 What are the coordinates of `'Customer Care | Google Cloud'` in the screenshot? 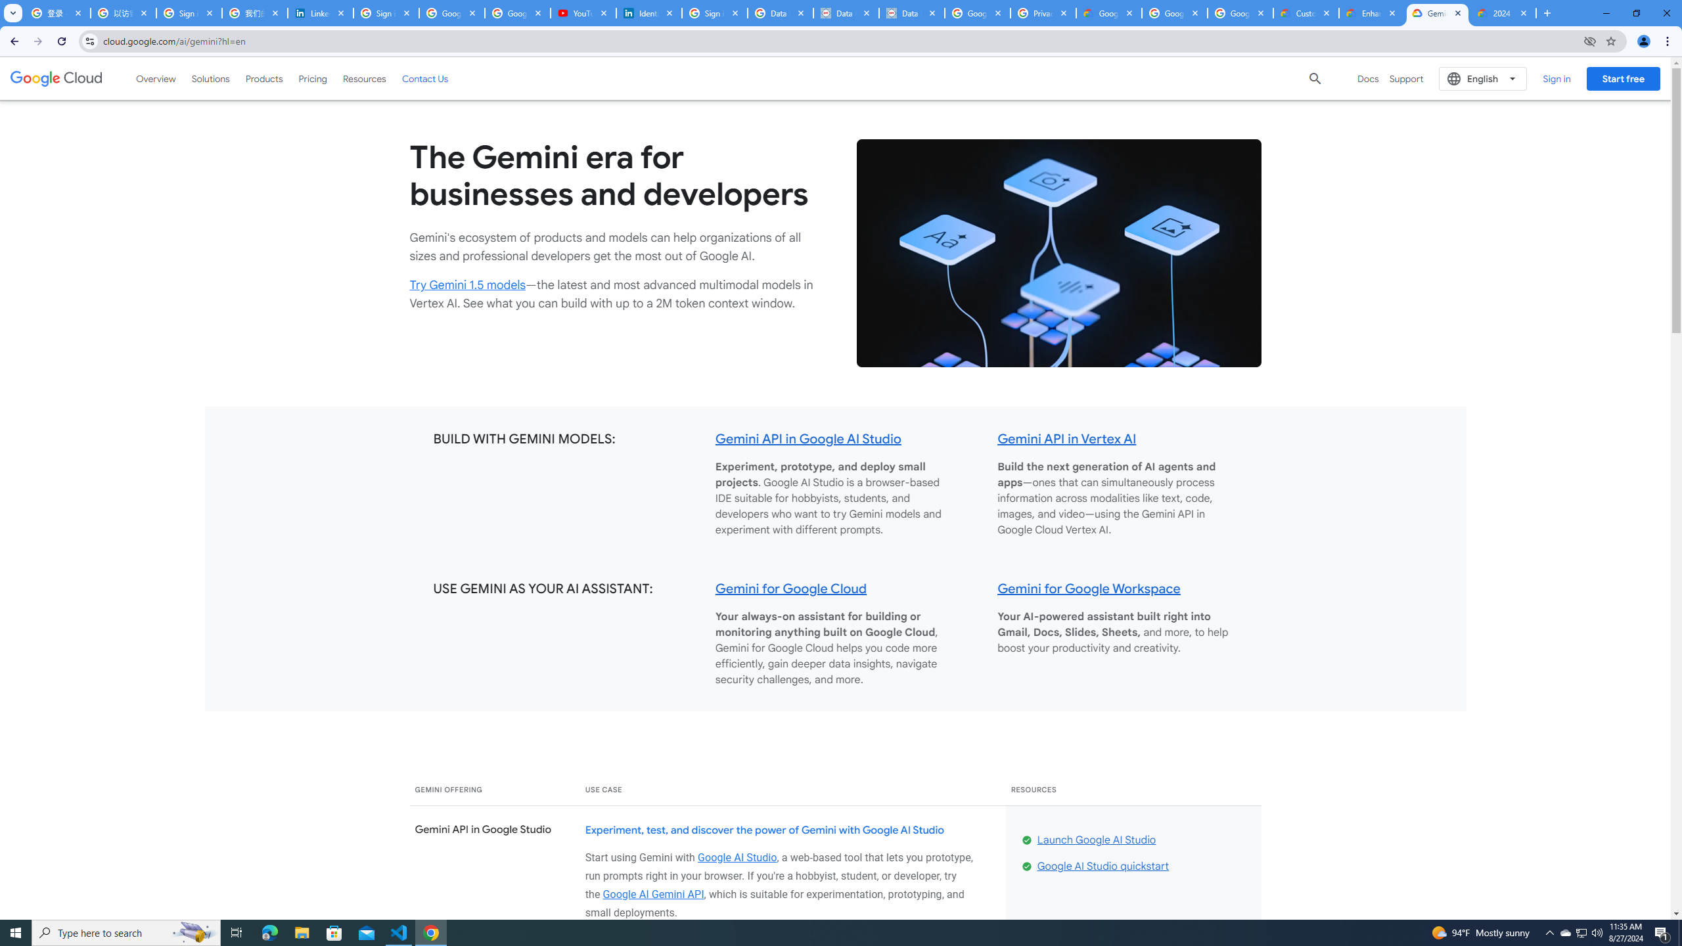 It's located at (1307, 12).